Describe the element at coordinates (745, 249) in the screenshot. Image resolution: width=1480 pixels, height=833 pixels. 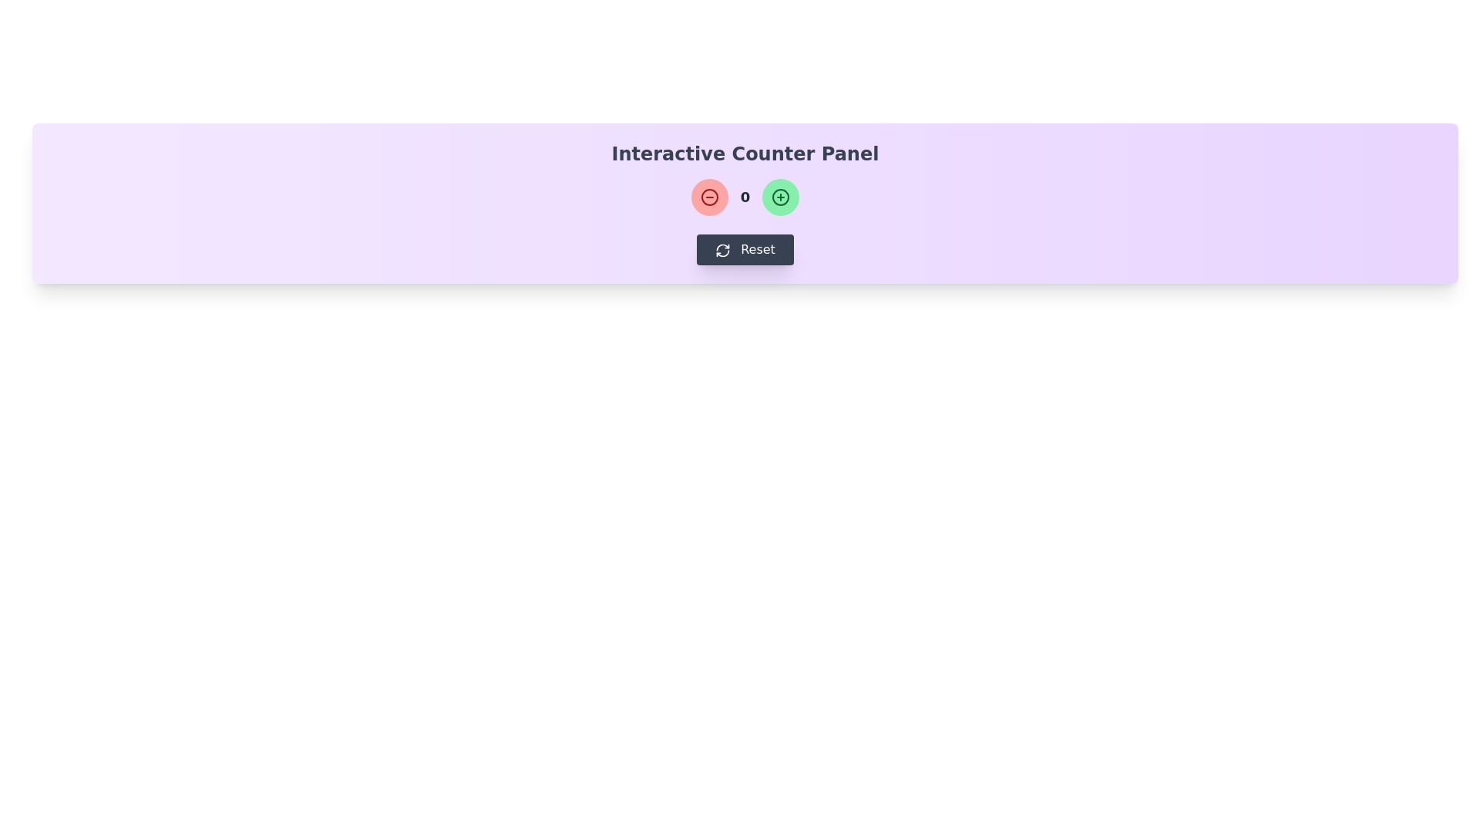
I see `the 'Reset' button, which is a rectangular button with rounded corners, dark grey background, white text, and a refresh-style circular arrow icon, located in the center of the panel below the '+' / '-' buttons` at that location.